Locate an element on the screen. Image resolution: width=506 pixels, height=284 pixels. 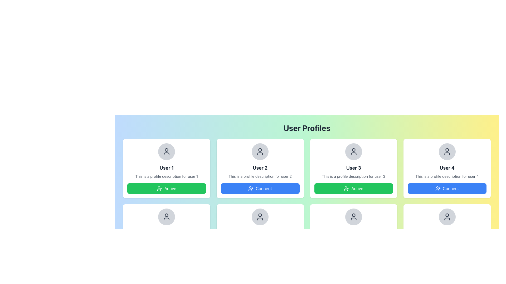
the circular avatar placeholder for User 2, which has a gray background and a simplistic user profile icon, located at the top-center of the user profile card is located at coordinates (260, 152).